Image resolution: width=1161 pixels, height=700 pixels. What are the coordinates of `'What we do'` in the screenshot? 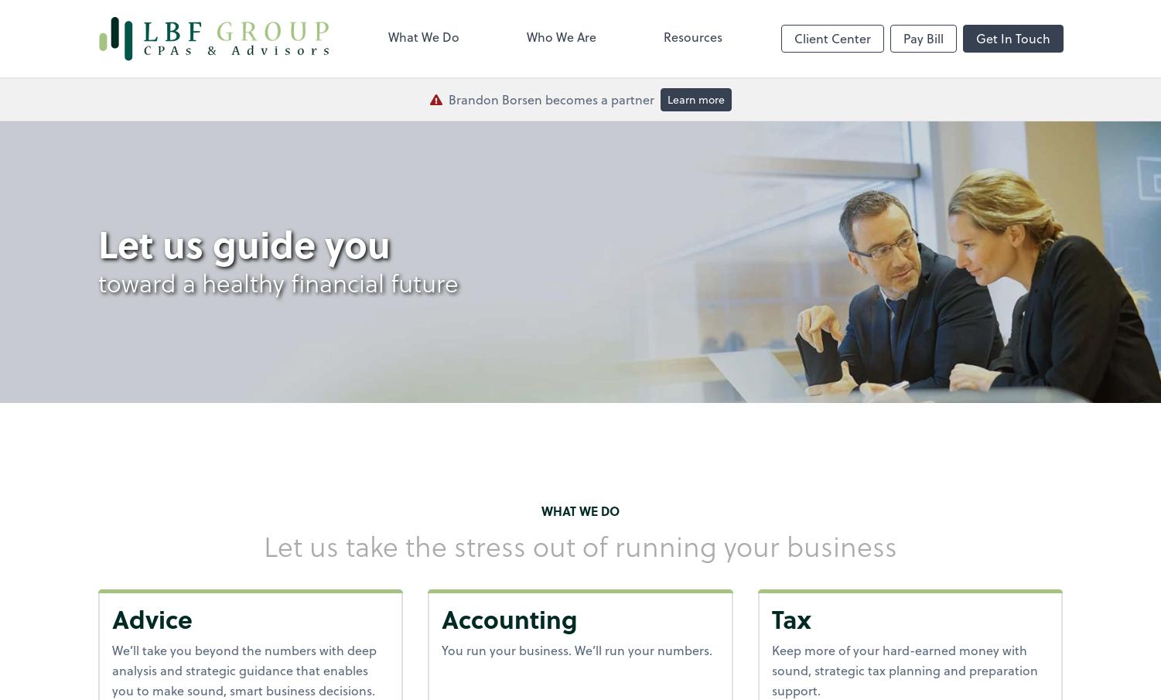 It's located at (580, 510).